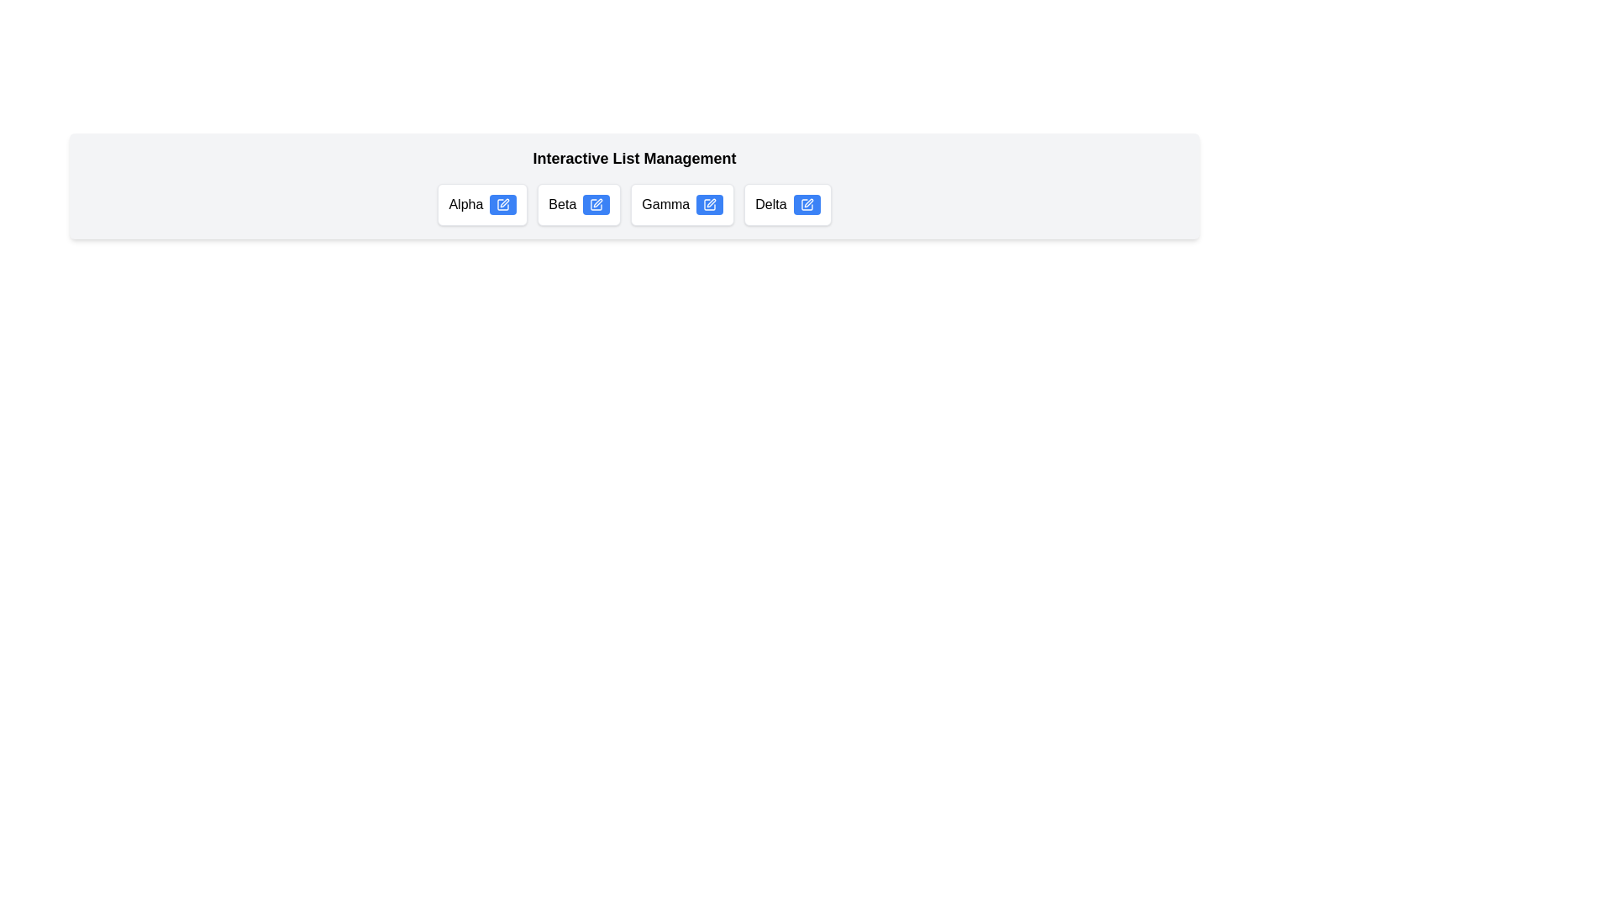  Describe the element at coordinates (806, 203) in the screenshot. I see `the edit icon located within the last button labeled 'Delta' in the horizontal list of buttons` at that location.